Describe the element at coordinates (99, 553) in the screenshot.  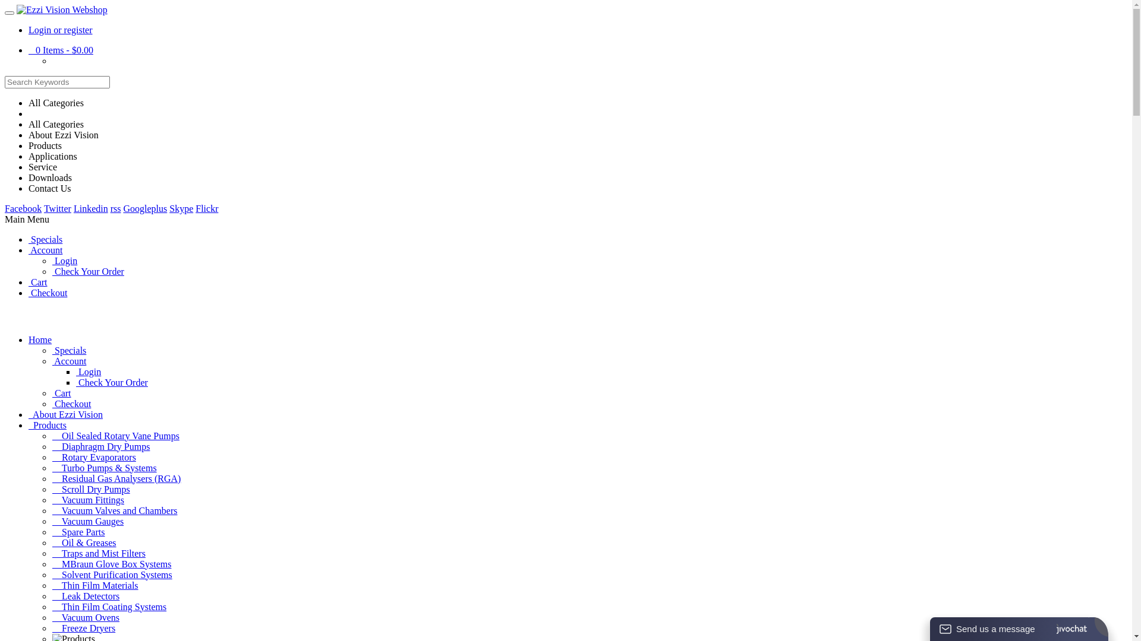
I see `'    Traps and Mist Filters'` at that location.